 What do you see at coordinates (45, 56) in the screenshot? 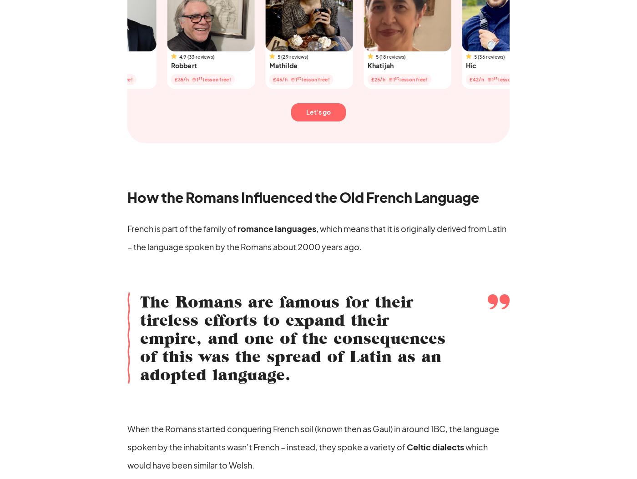
I see `'5 (11 reviews)'` at bounding box center [45, 56].